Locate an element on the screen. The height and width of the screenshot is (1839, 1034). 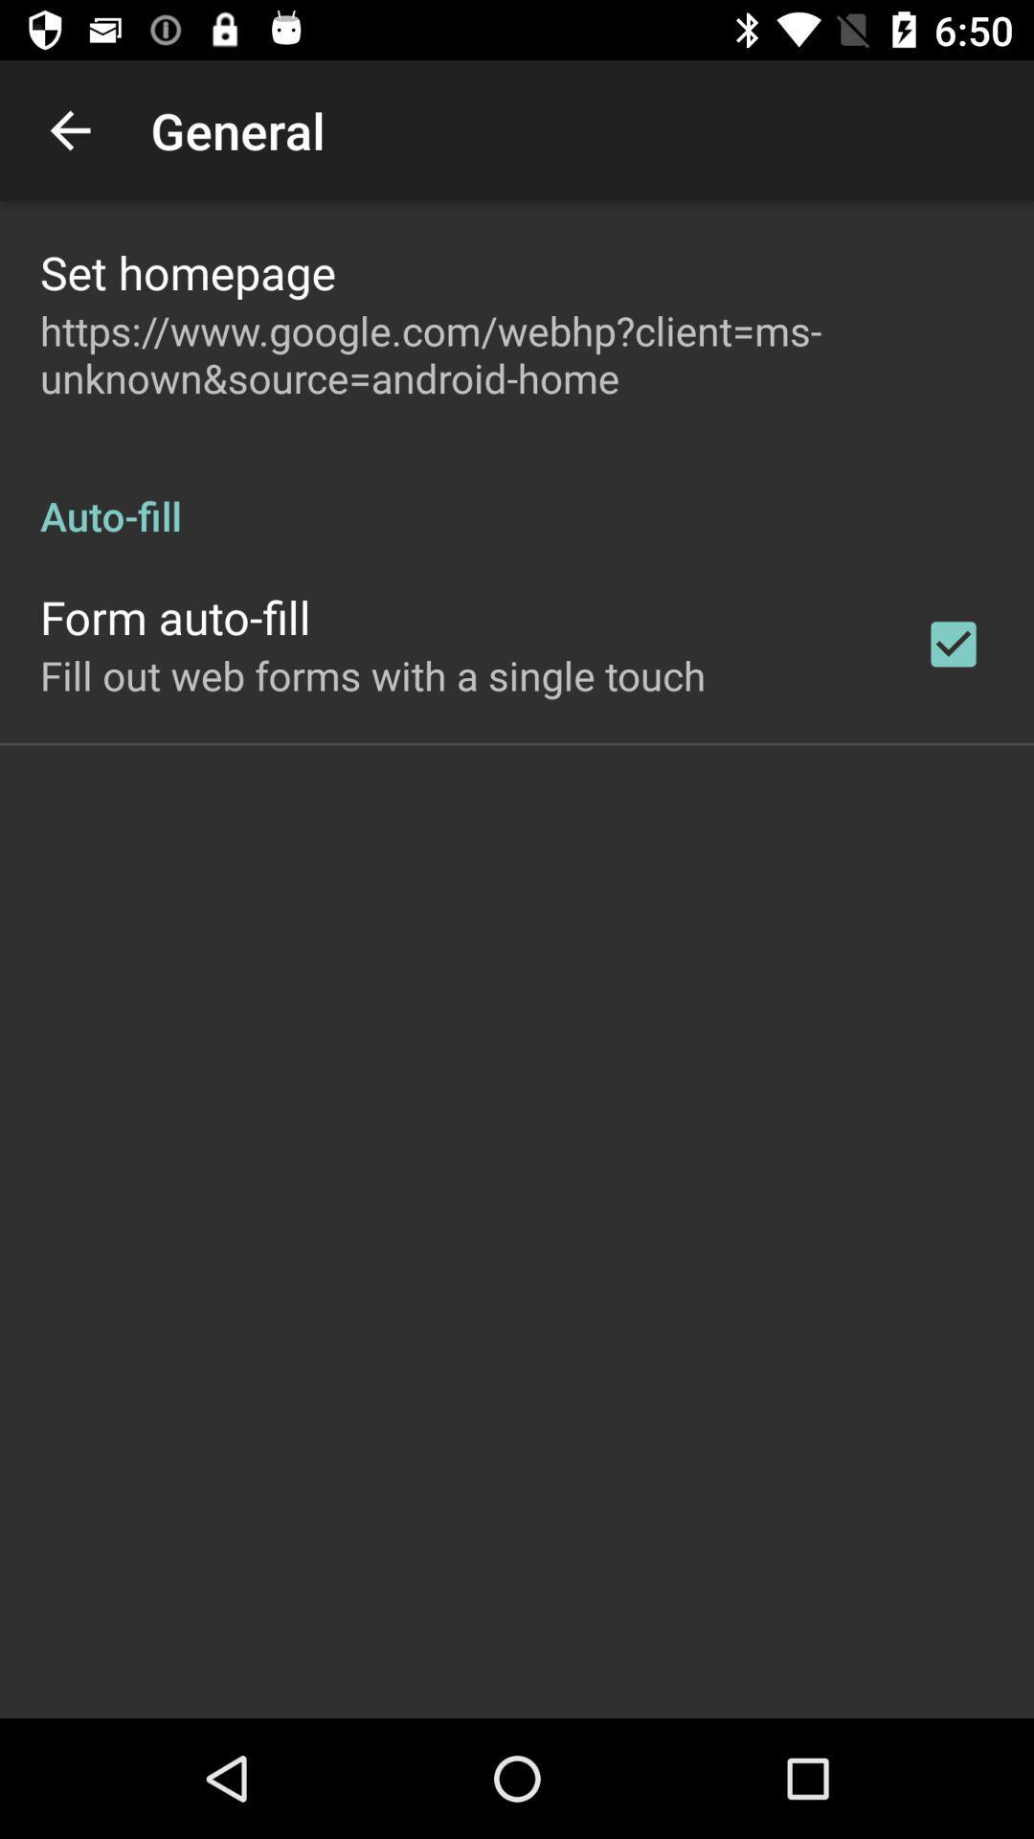
the item next to the fill out web is located at coordinates (953, 644).